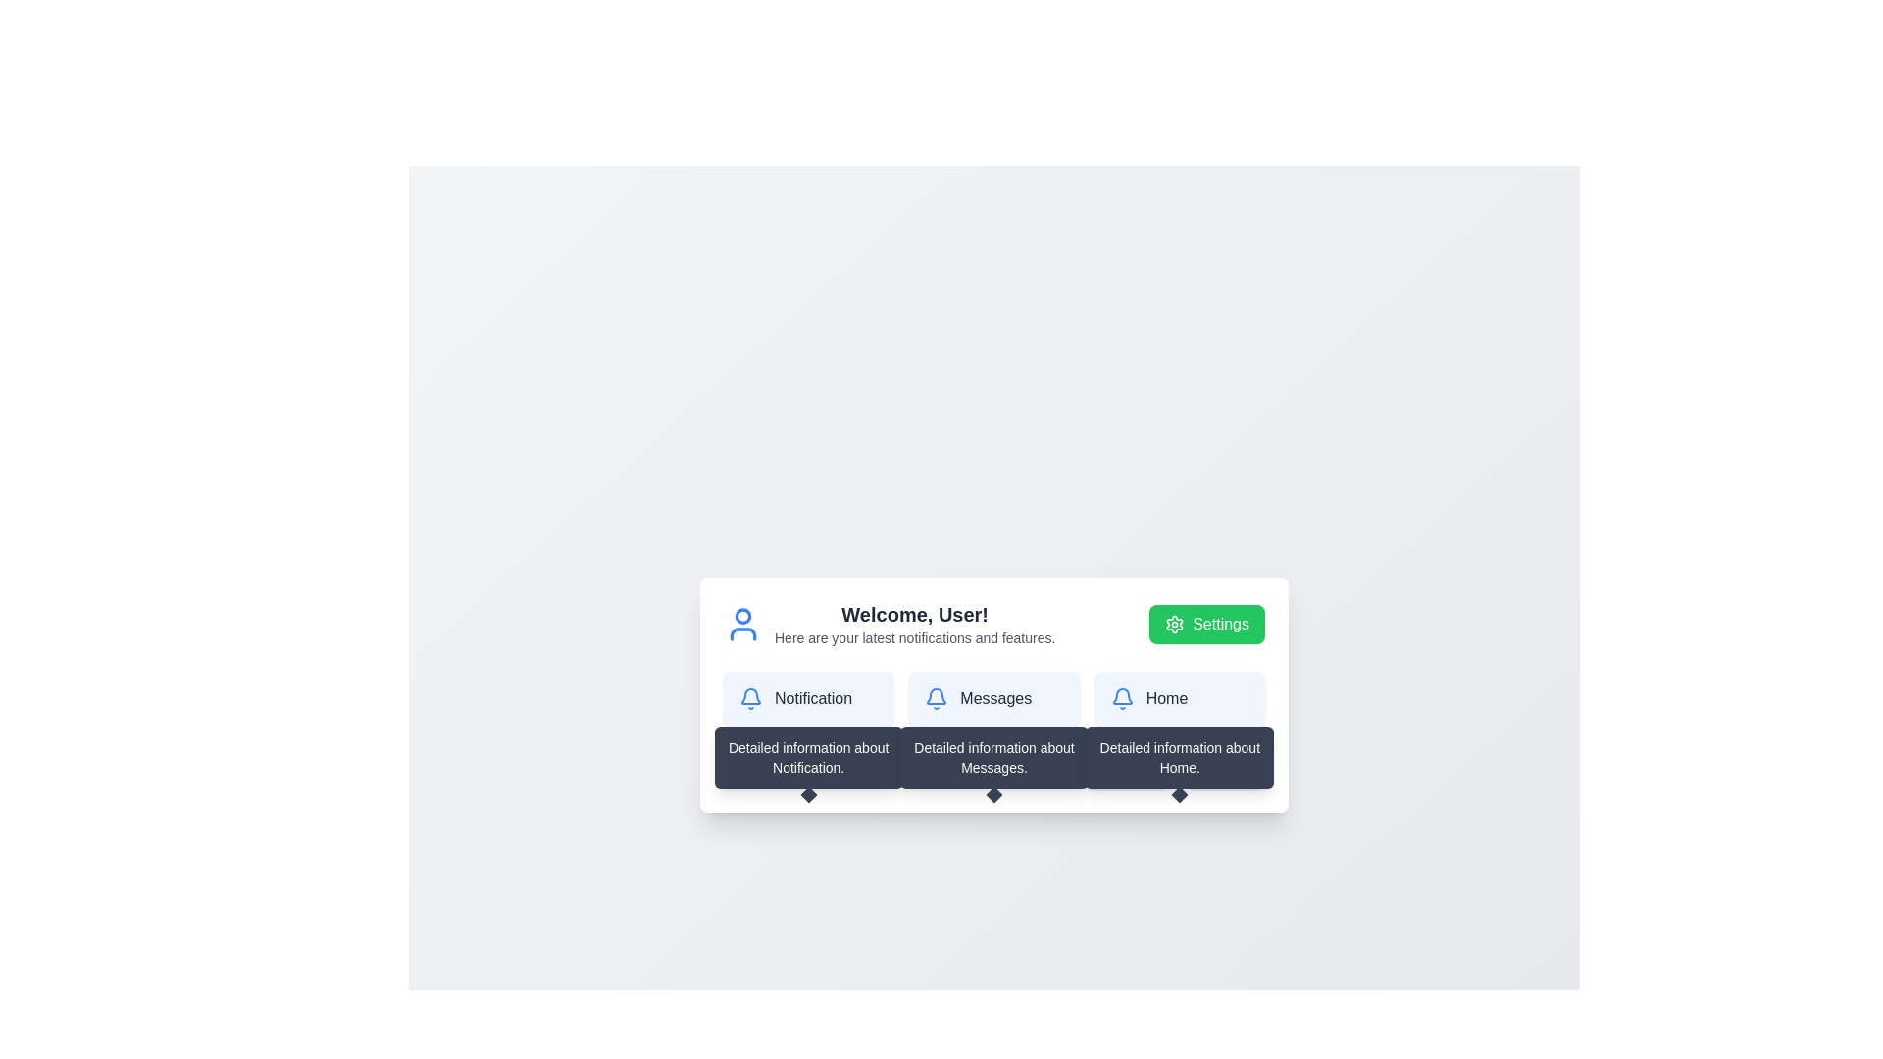 This screenshot has width=1883, height=1059. What do you see at coordinates (993, 698) in the screenshot?
I see `the interactive button-like UI component with a blue bell icon and the text 'Messages'` at bounding box center [993, 698].